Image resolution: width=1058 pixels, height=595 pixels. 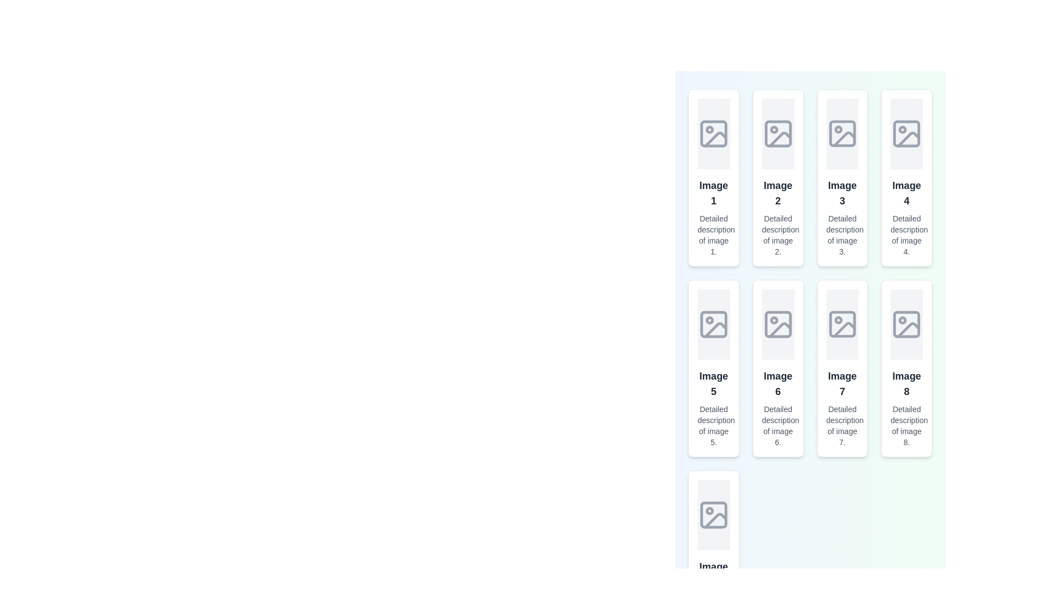 What do you see at coordinates (841, 324) in the screenshot?
I see `the rectangular card with a gray background and an image placeholder icon, located in the second row and third column of the grid layout` at bounding box center [841, 324].